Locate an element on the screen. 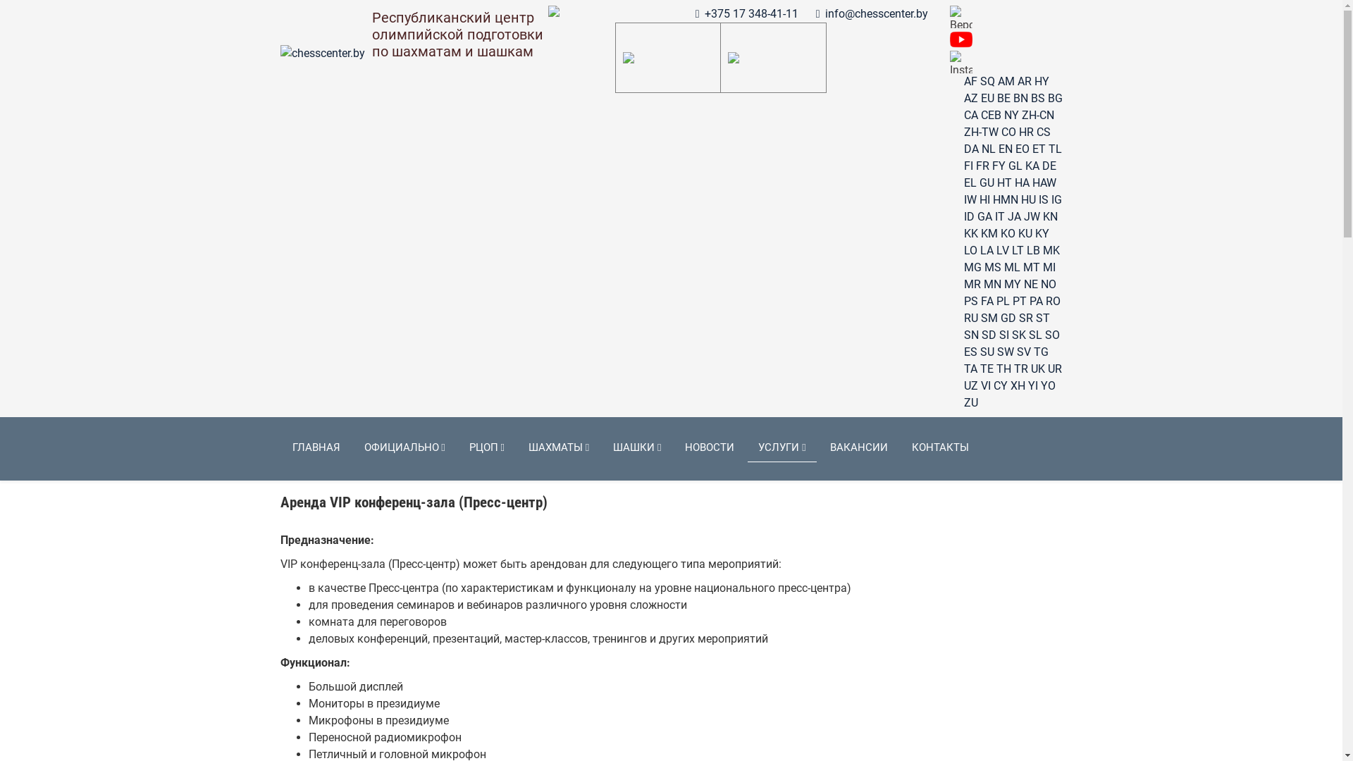 This screenshot has width=1353, height=761. 'IG' is located at coordinates (1056, 199).